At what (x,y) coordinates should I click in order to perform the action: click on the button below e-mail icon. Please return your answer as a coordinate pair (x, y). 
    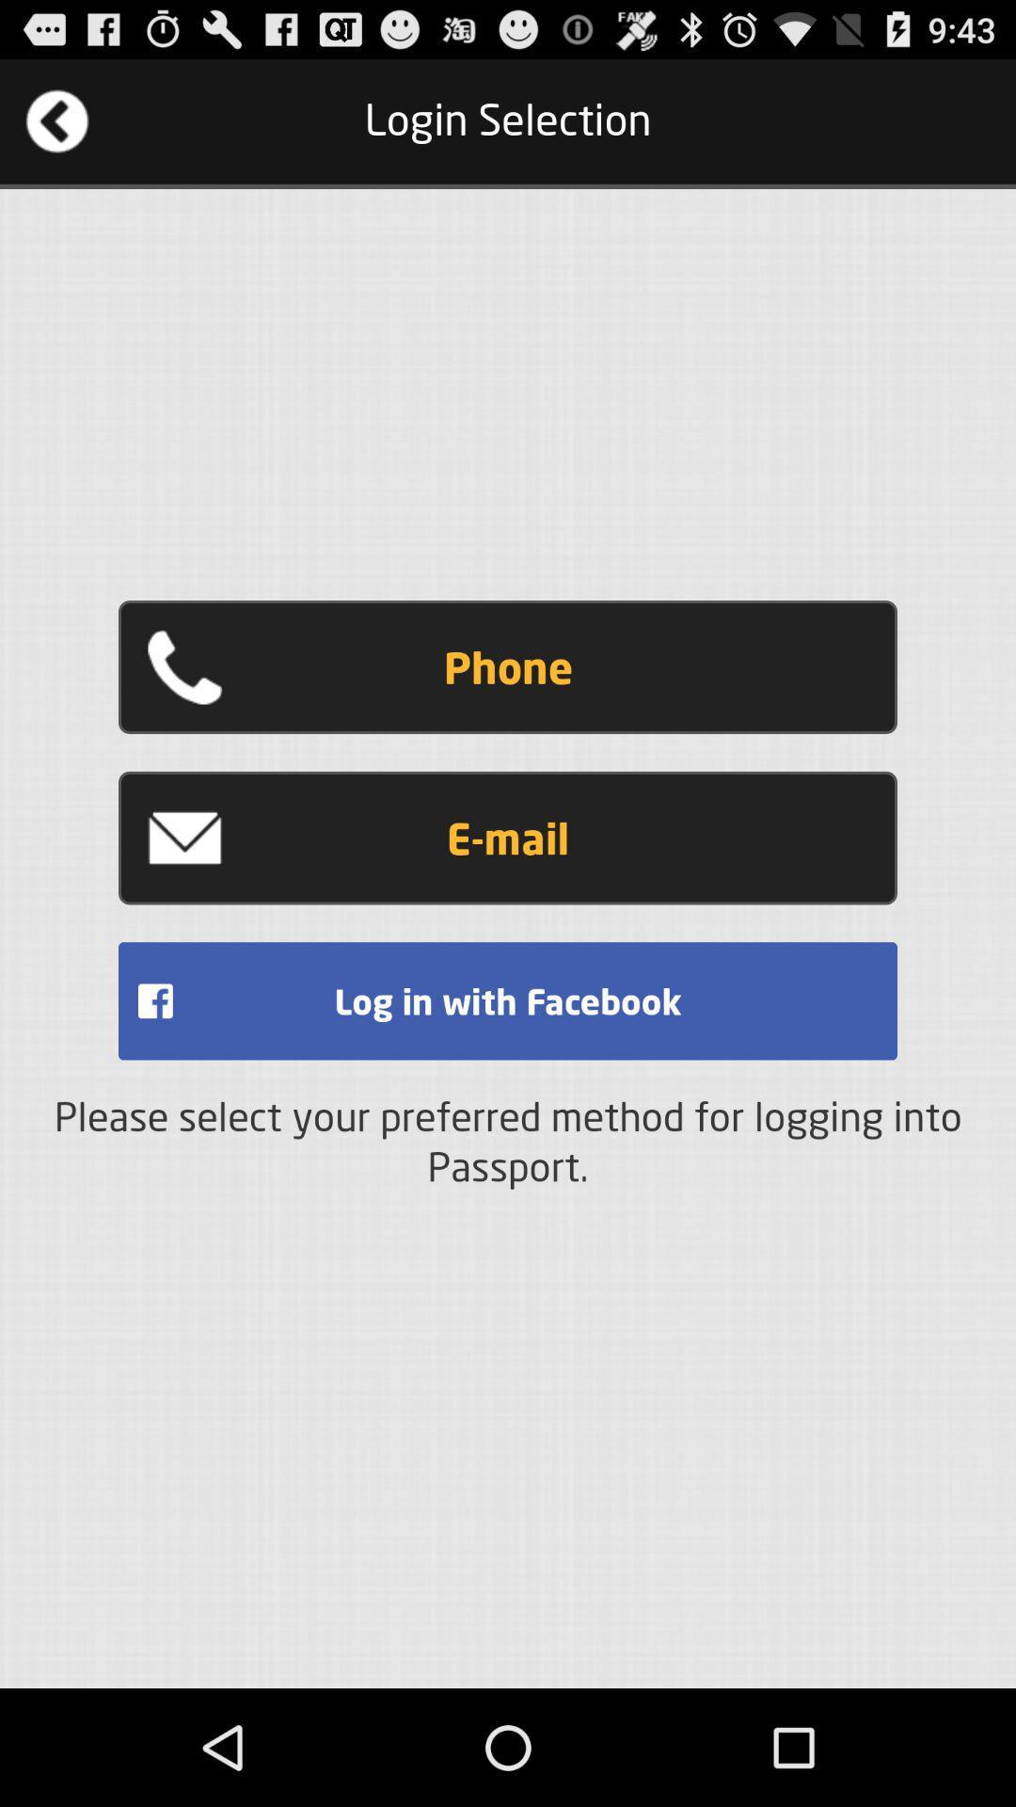
    Looking at the image, I should click on (508, 999).